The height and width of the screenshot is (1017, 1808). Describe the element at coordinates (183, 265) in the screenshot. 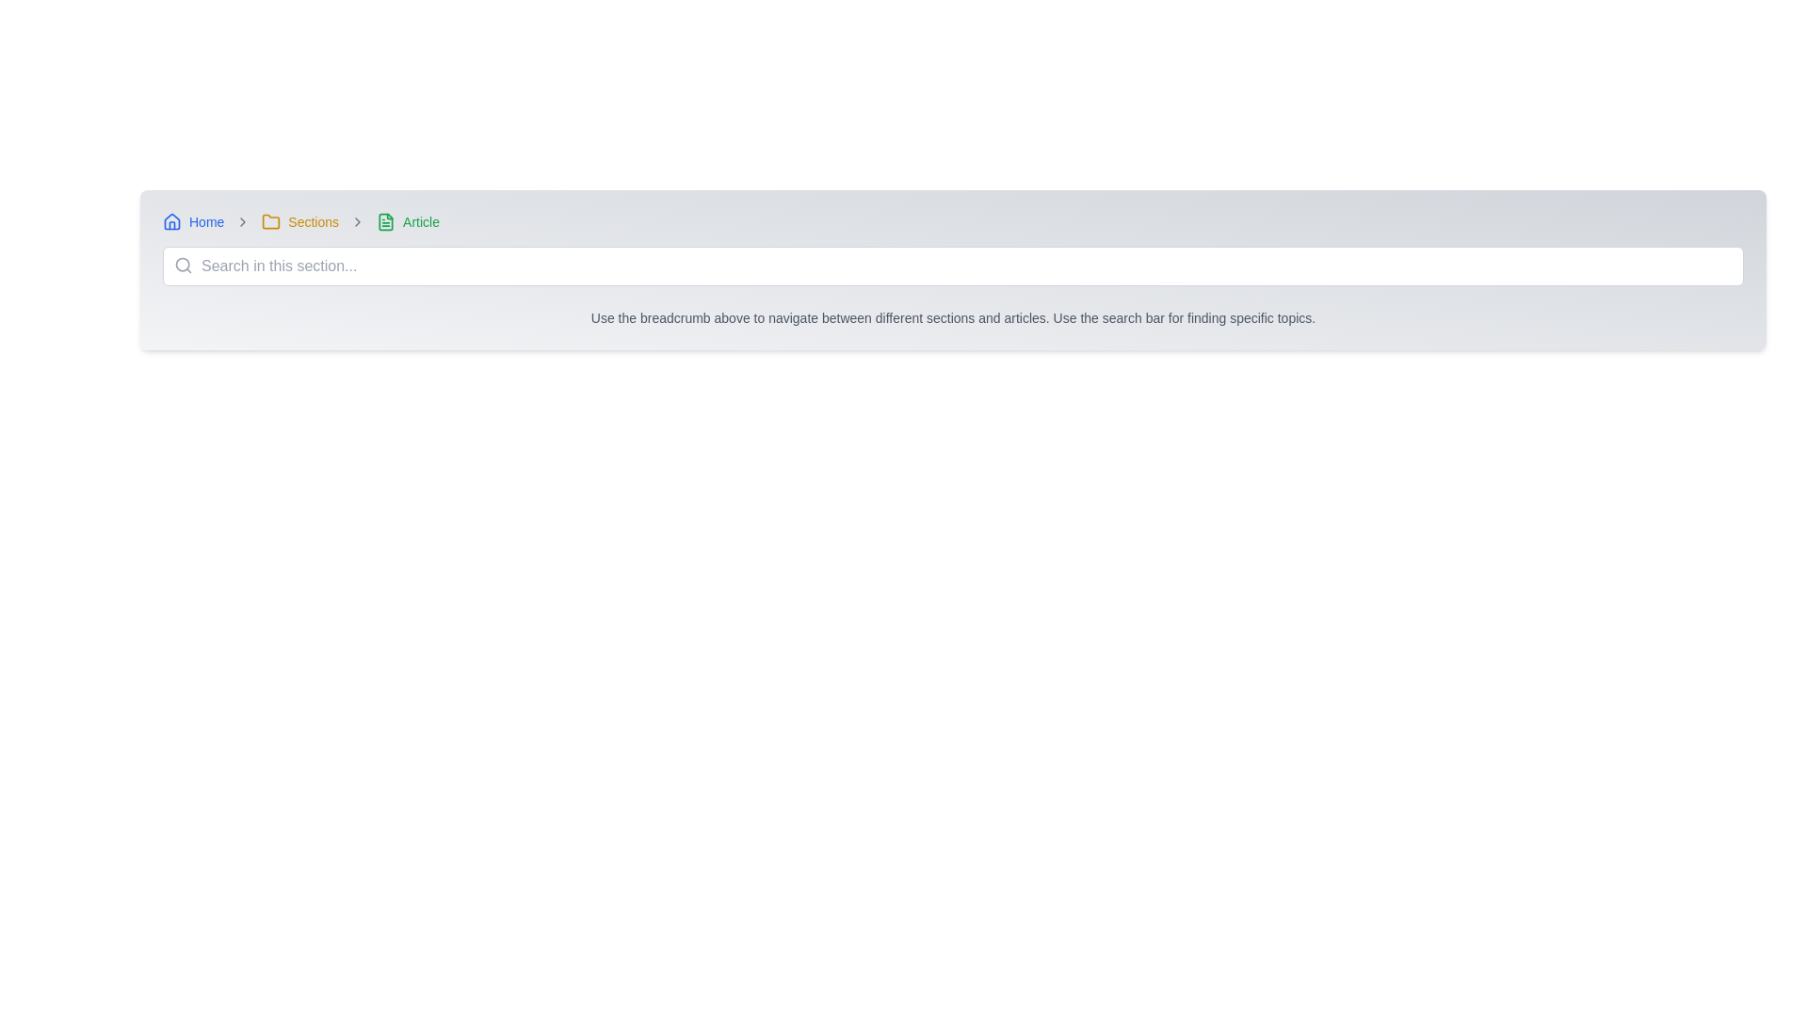

I see `the magnifying glass icon component, which is a circle segment located to the left side of the input box in the search field` at that location.